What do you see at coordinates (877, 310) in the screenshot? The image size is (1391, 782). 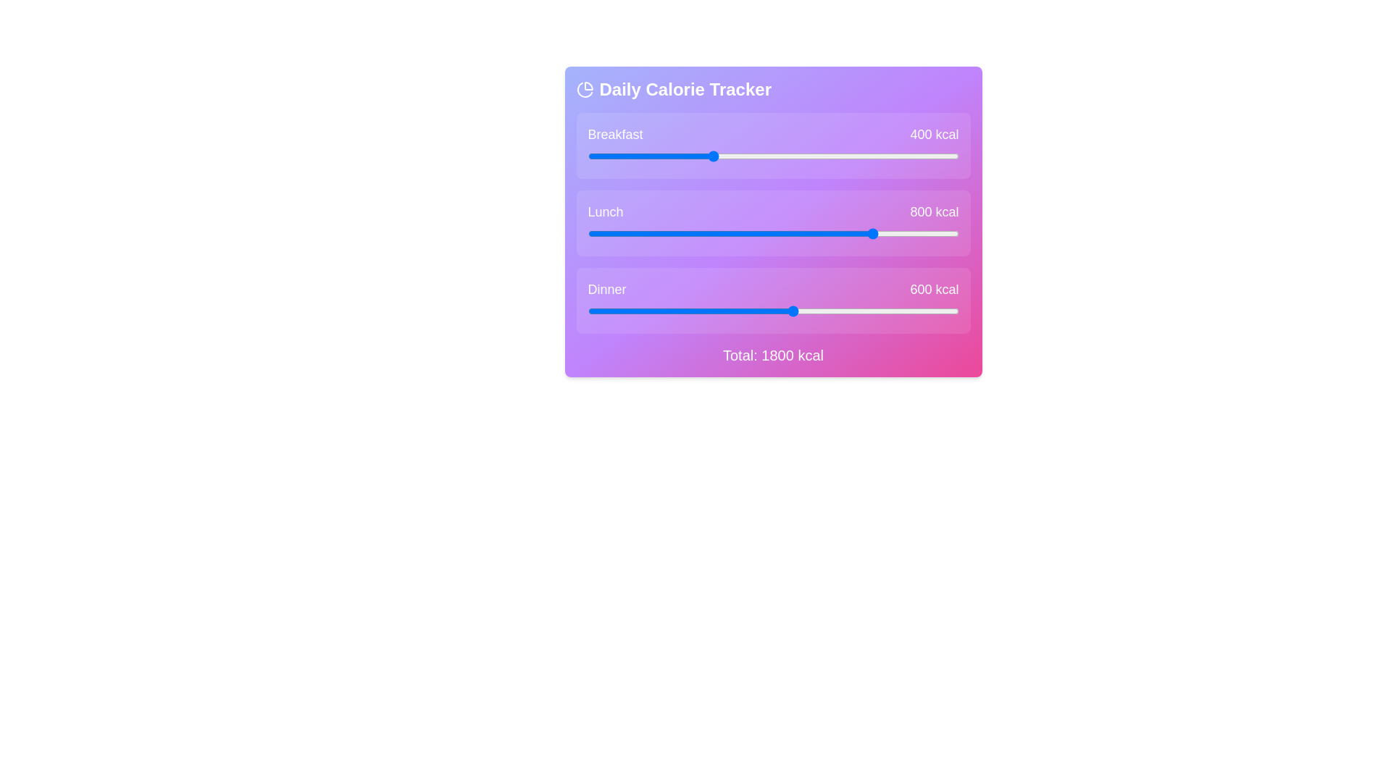 I see `the dinner calorie value` at bounding box center [877, 310].